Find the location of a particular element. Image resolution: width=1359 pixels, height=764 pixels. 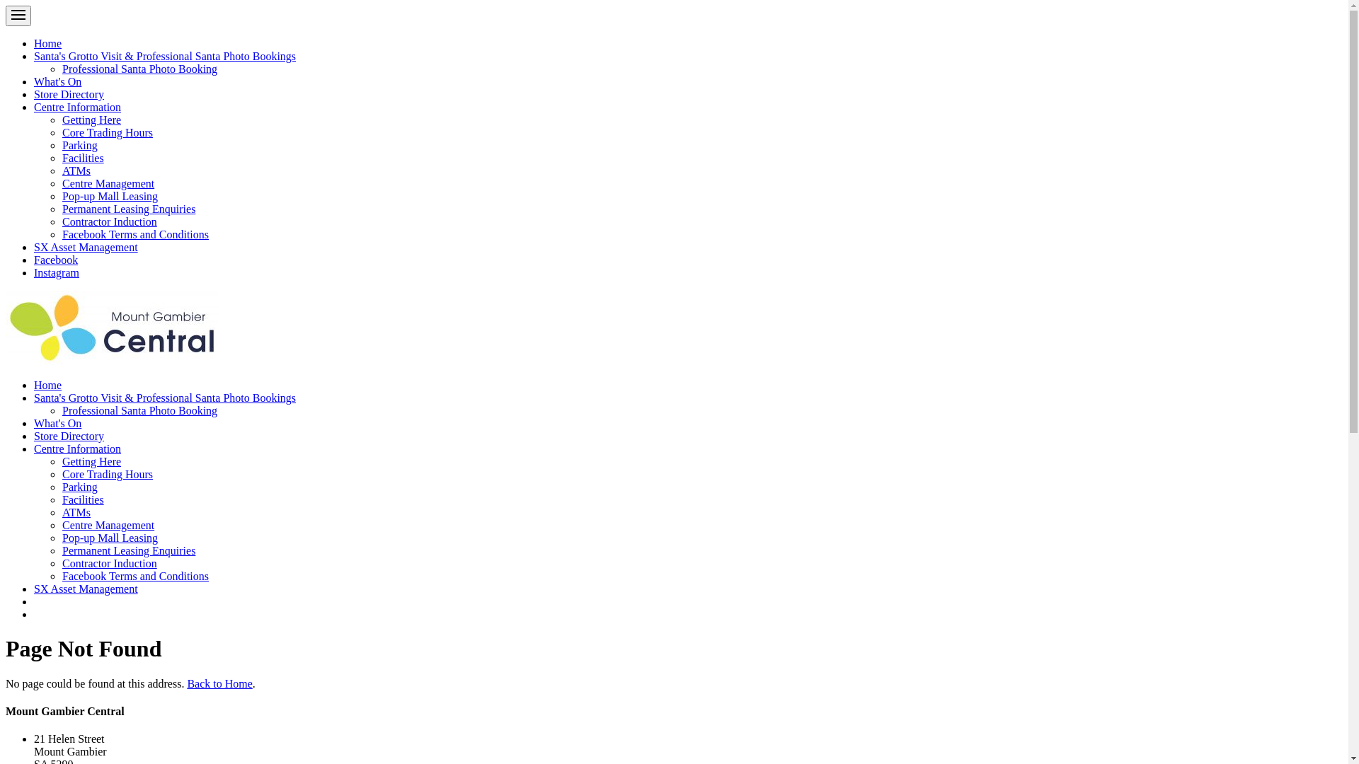

'Permanent Leasing Enquiries' is located at coordinates (129, 550).